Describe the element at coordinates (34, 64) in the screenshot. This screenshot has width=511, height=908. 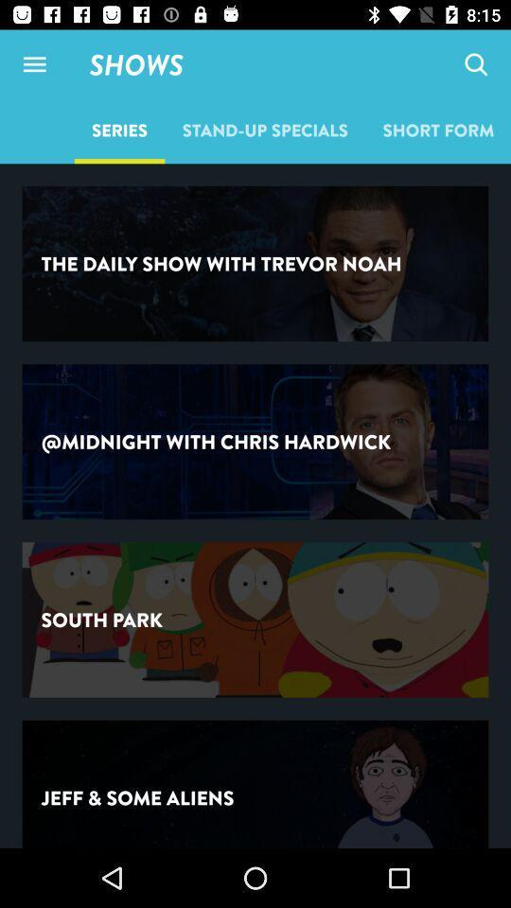
I see `item above series` at that location.